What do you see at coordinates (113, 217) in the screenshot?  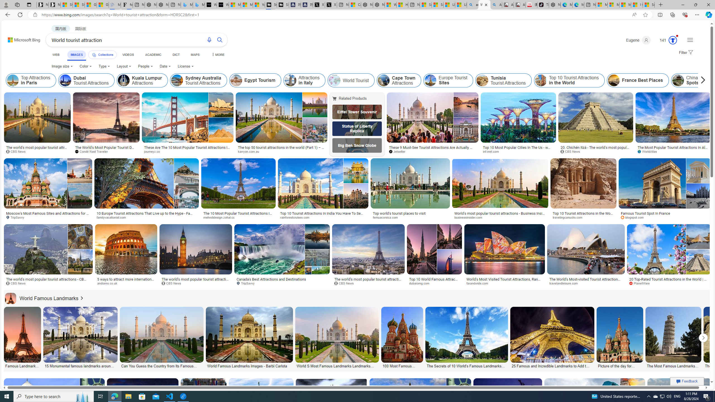 I see `'familyvacationist.com'` at bounding box center [113, 217].